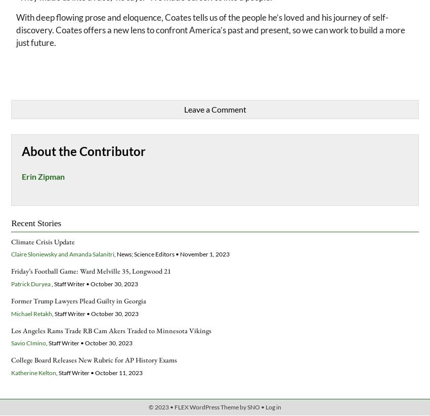  I want to click on 'SNO', so click(253, 406).